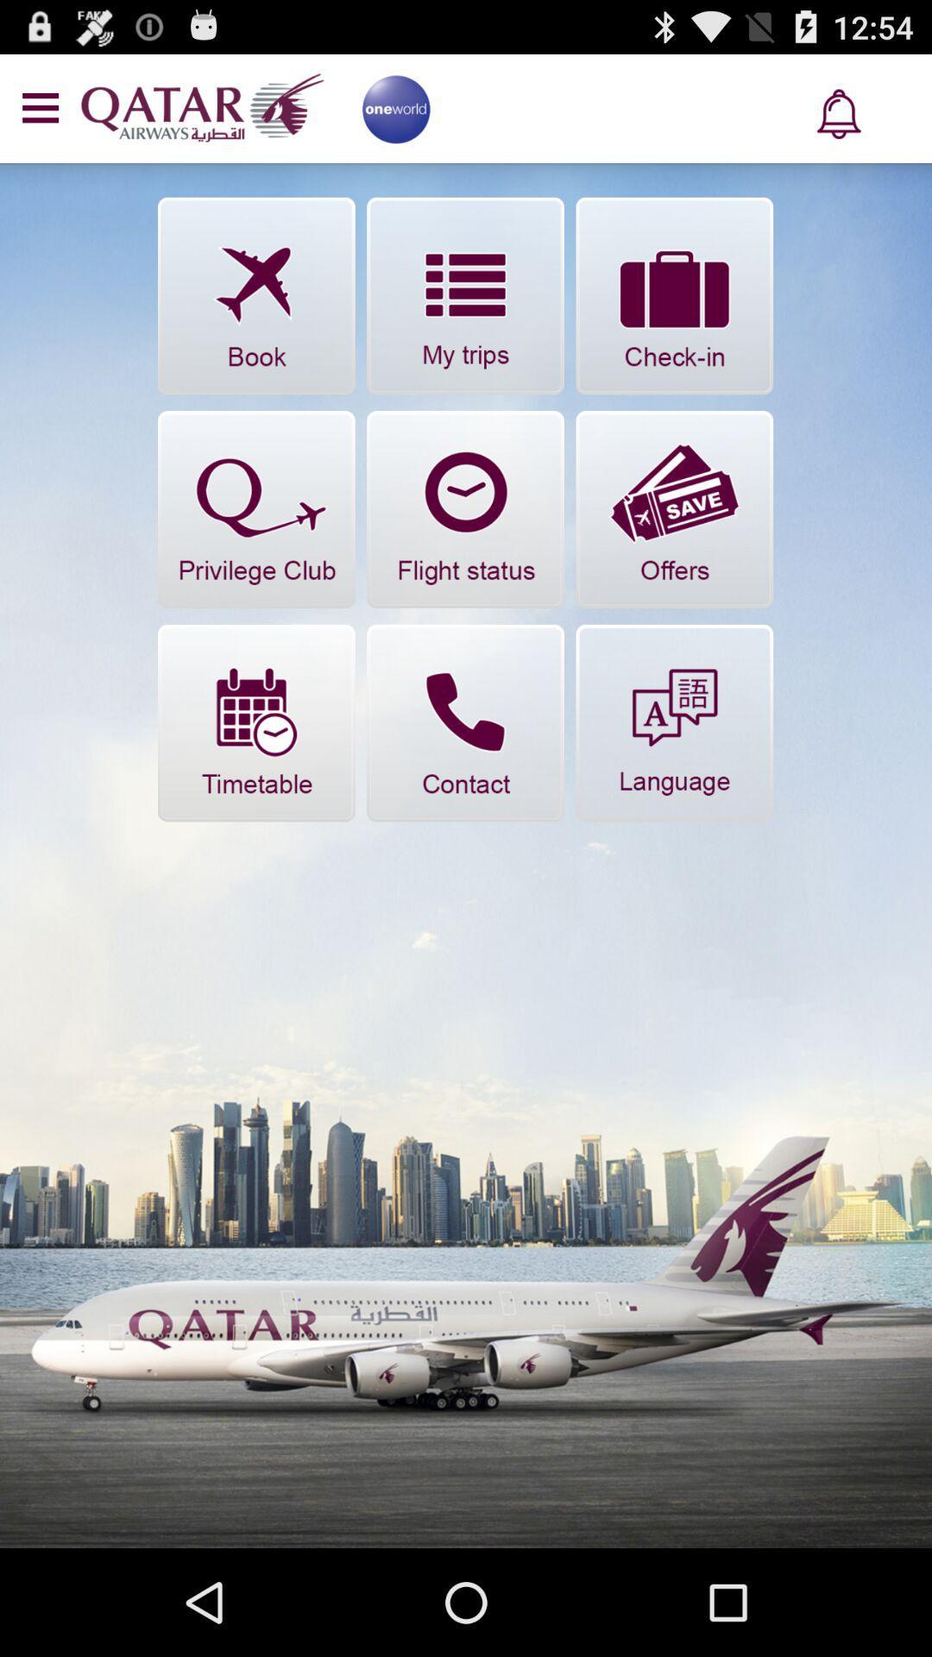  What do you see at coordinates (673, 296) in the screenshot?
I see `check in to your flight` at bounding box center [673, 296].